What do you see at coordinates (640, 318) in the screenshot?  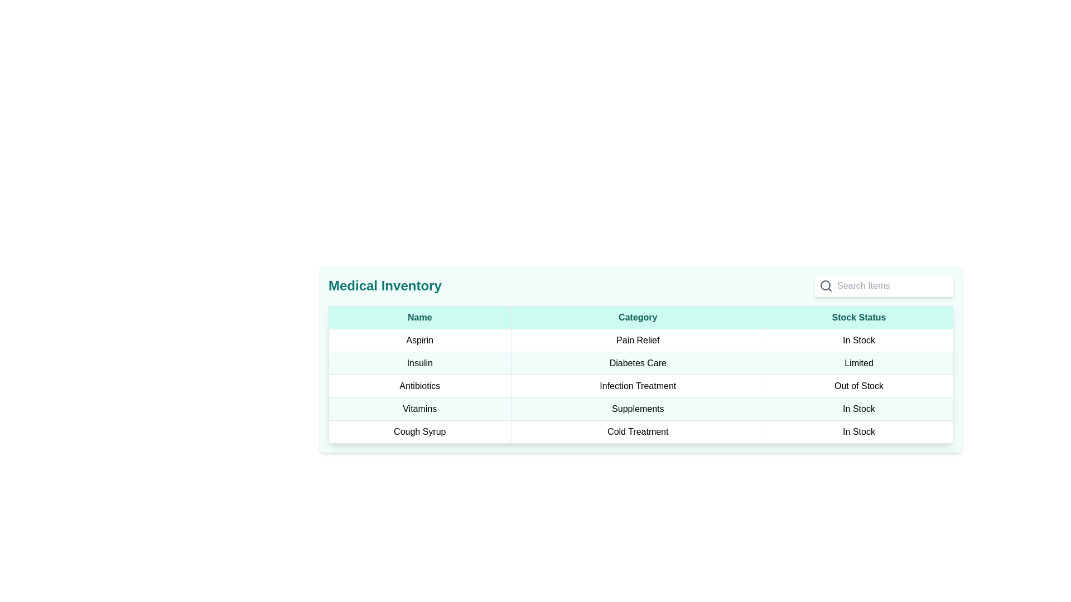 I see `text in the Table Header Row that organizes content into 'Name', 'Category', and 'Stock Status', located just below the 'Medical Inventory' title` at bounding box center [640, 318].